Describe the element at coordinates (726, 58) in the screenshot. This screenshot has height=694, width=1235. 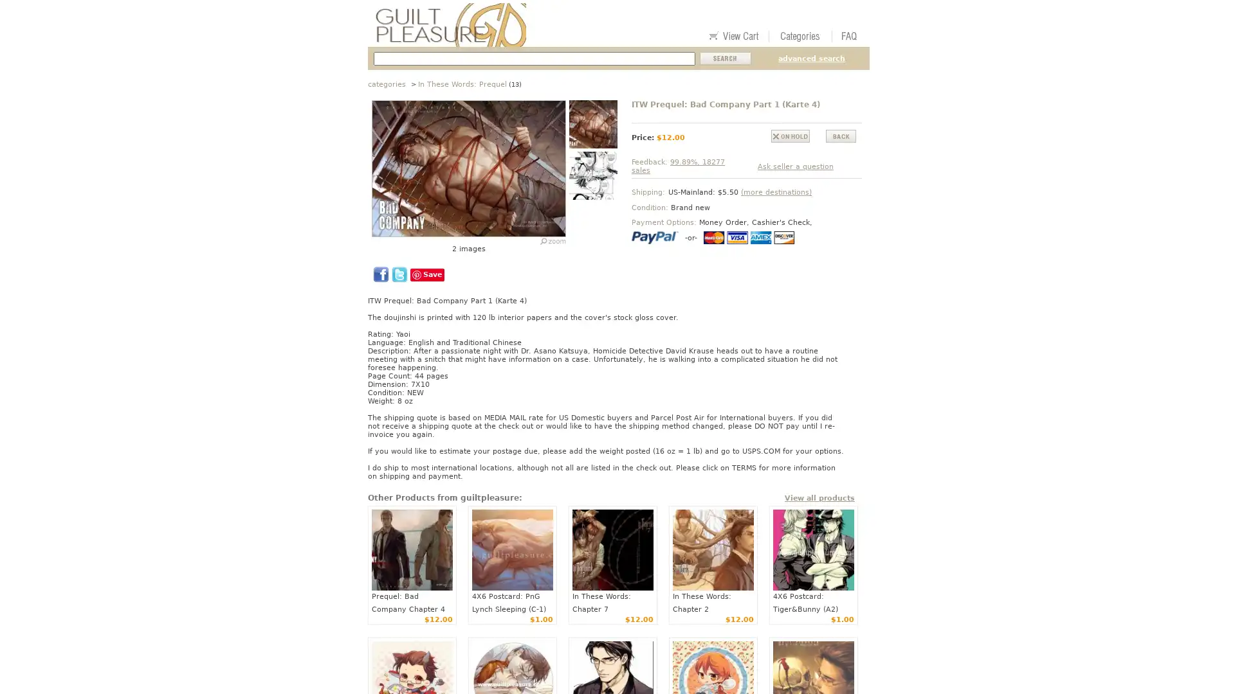
I see `Submit` at that location.